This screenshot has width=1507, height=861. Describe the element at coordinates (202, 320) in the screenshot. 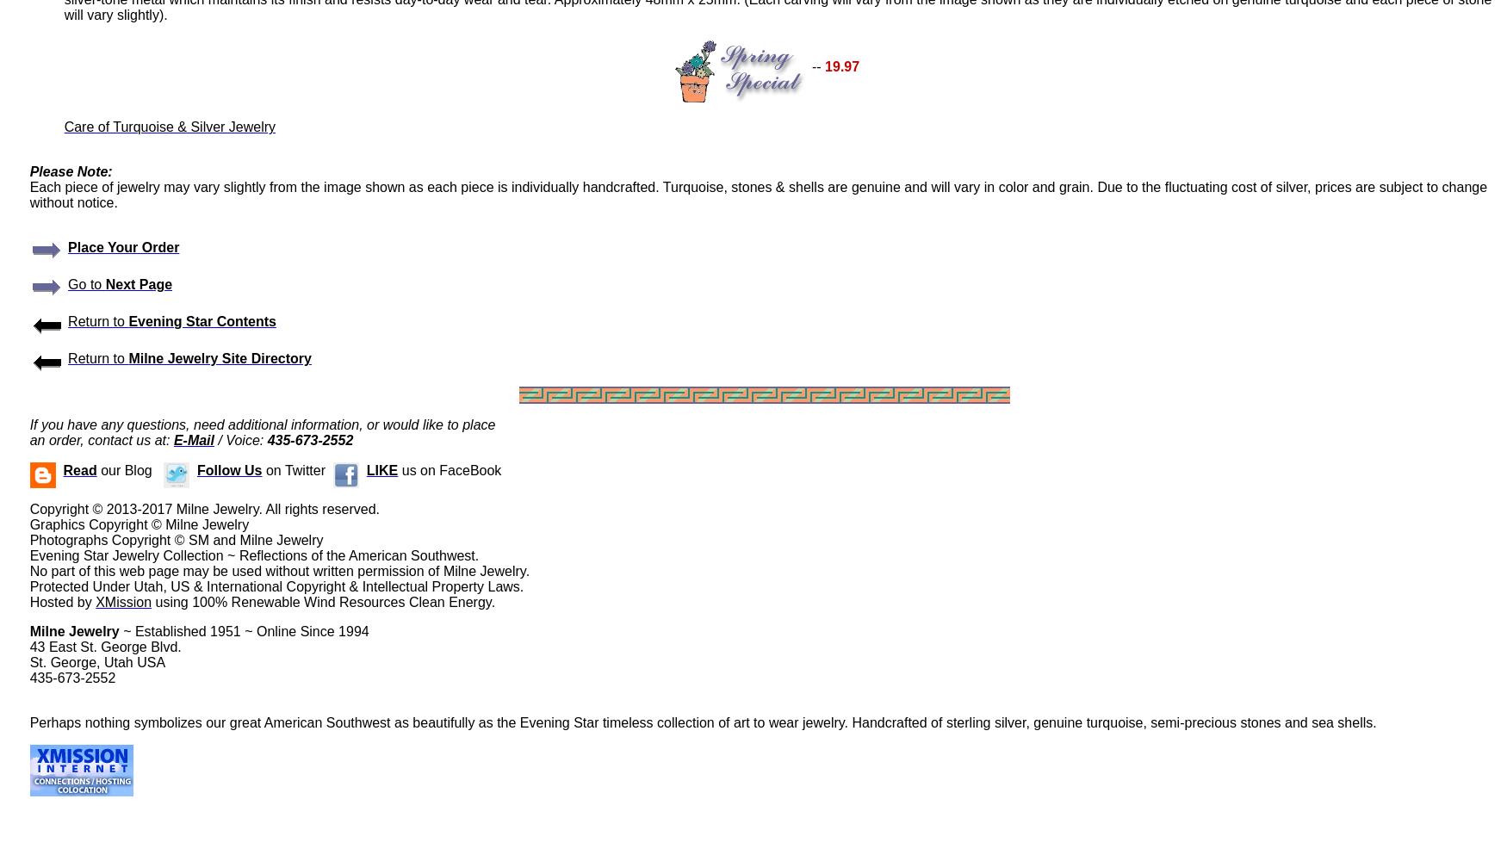

I see `'Evening Star Contents'` at that location.